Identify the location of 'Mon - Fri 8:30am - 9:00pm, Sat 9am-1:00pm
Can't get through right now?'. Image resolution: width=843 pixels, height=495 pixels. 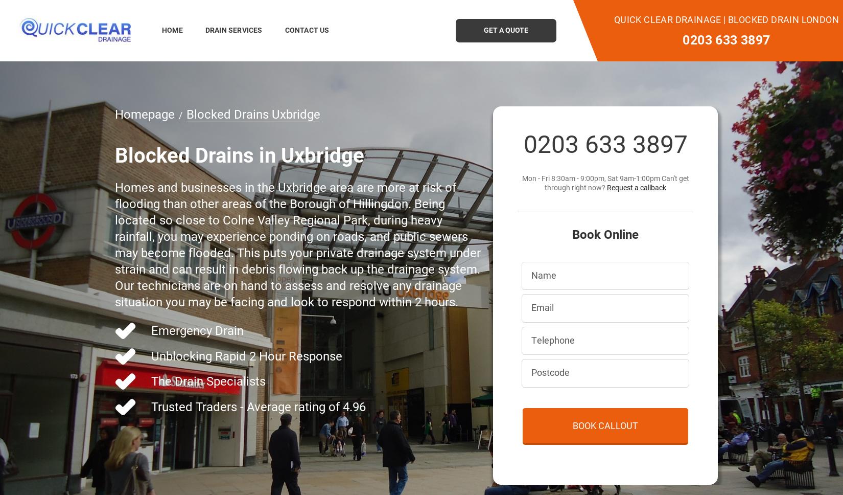
(605, 182).